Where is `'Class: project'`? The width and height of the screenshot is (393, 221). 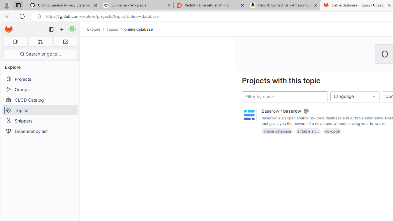
'Class: project' is located at coordinates (249, 115).